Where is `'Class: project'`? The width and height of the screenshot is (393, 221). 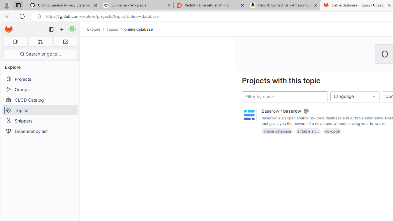
'Class: project' is located at coordinates (249, 115).